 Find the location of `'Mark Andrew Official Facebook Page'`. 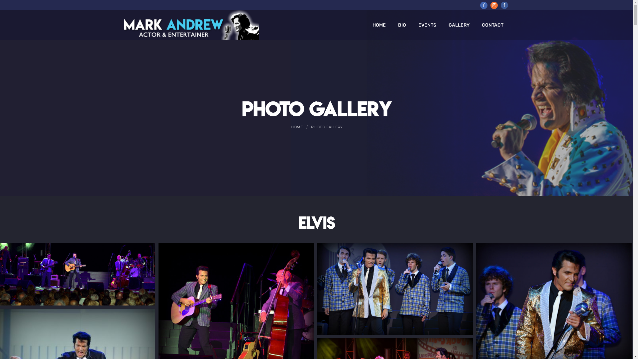

'Mark Andrew Official Facebook Page' is located at coordinates (483, 5).